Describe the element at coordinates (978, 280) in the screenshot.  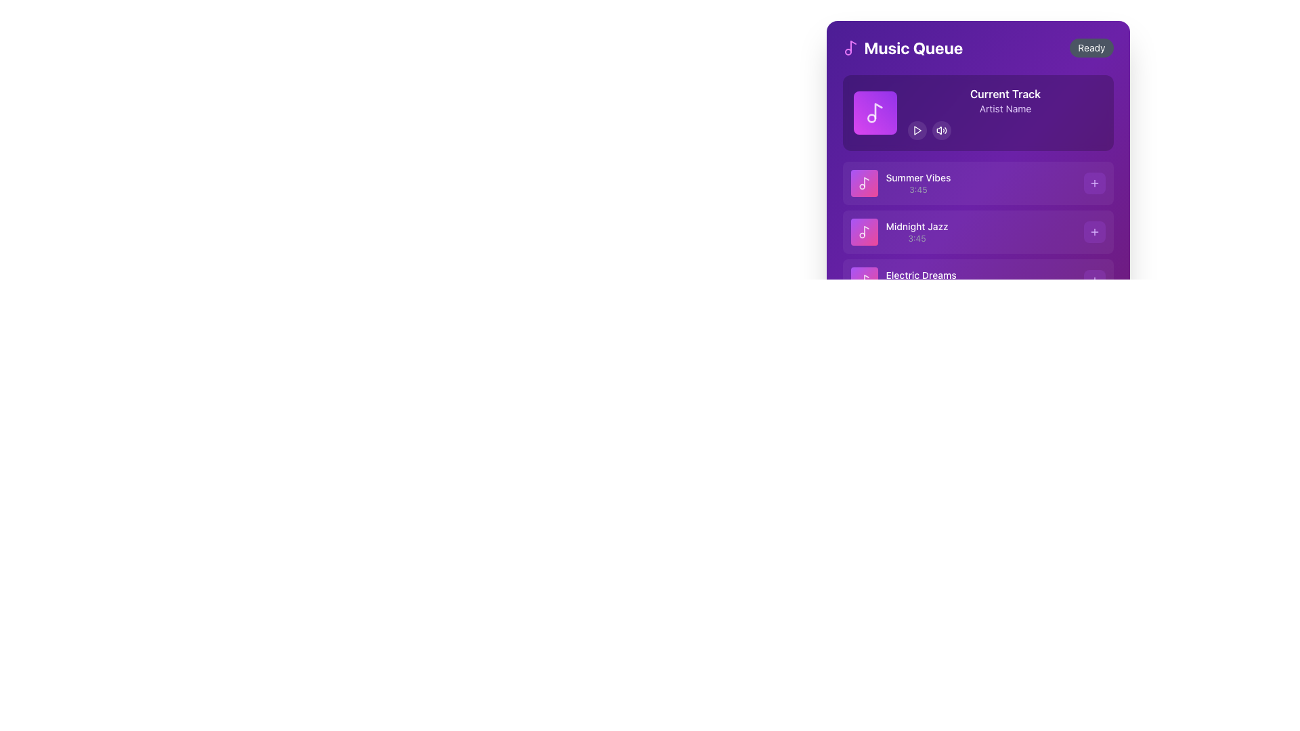
I see `the 'Electric Dreams' text in the third item of the vertical list` at that location.